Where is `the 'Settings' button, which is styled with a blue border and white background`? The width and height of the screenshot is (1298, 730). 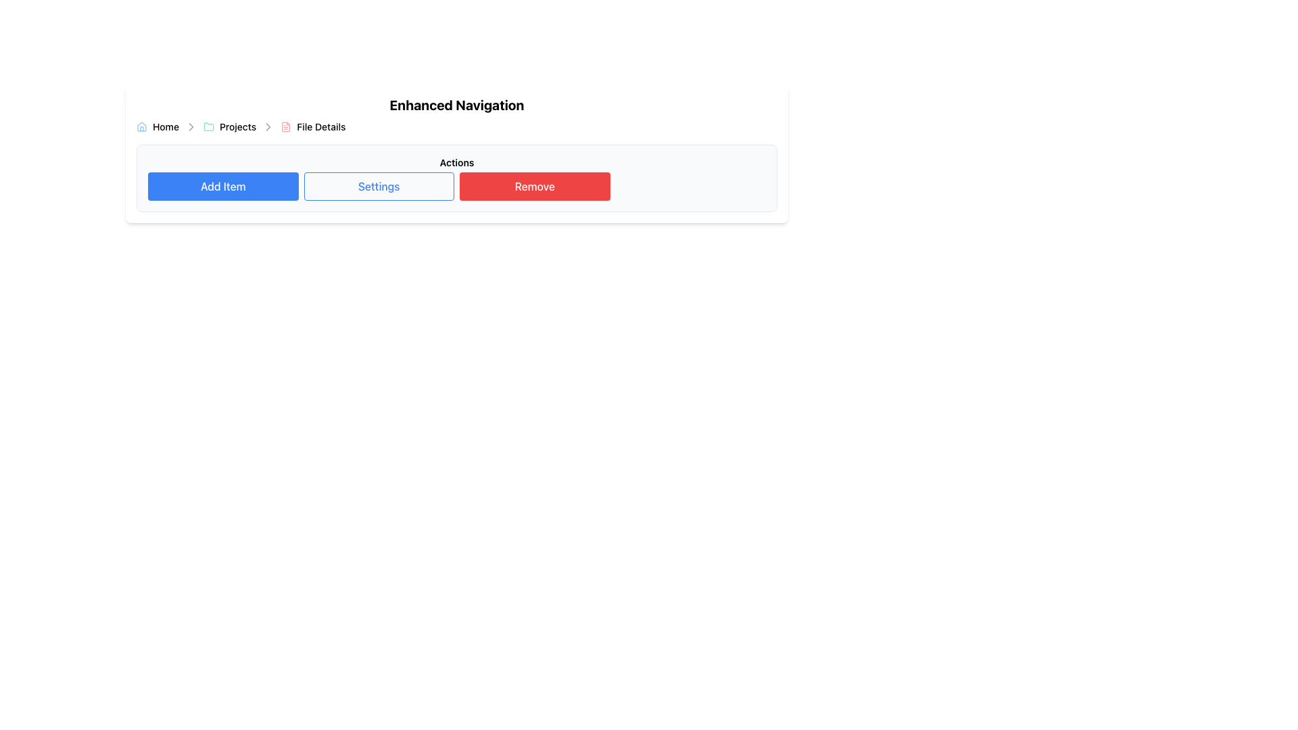 the 'Settings' button, which is styled with a blue border and white background is located at coordinates (379, 187).